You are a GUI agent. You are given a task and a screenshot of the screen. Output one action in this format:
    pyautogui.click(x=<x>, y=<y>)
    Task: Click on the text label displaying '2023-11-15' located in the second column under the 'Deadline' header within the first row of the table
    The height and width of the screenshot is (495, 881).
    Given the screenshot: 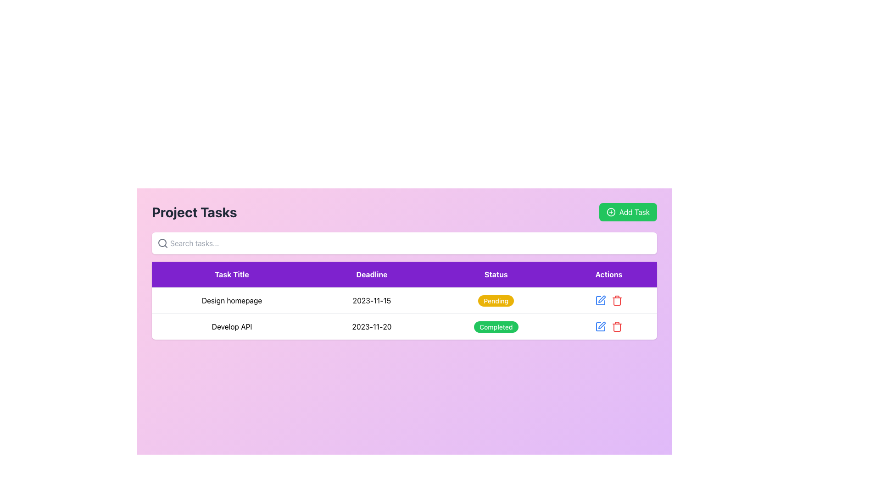 What is the action you would take?
    pyautogui.click(x=372, y=300)
    